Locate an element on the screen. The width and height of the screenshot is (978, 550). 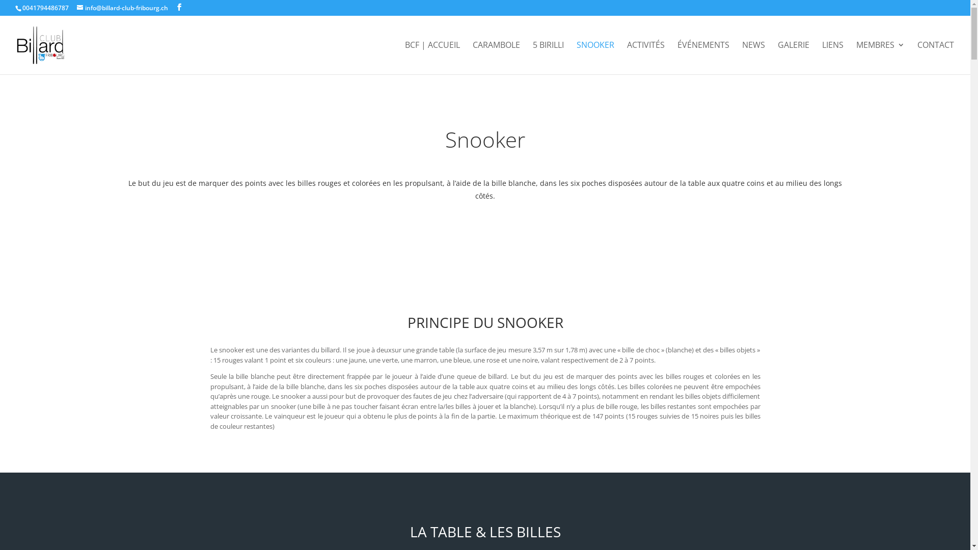
'CONTACT' is located at coordinates (917, 58).